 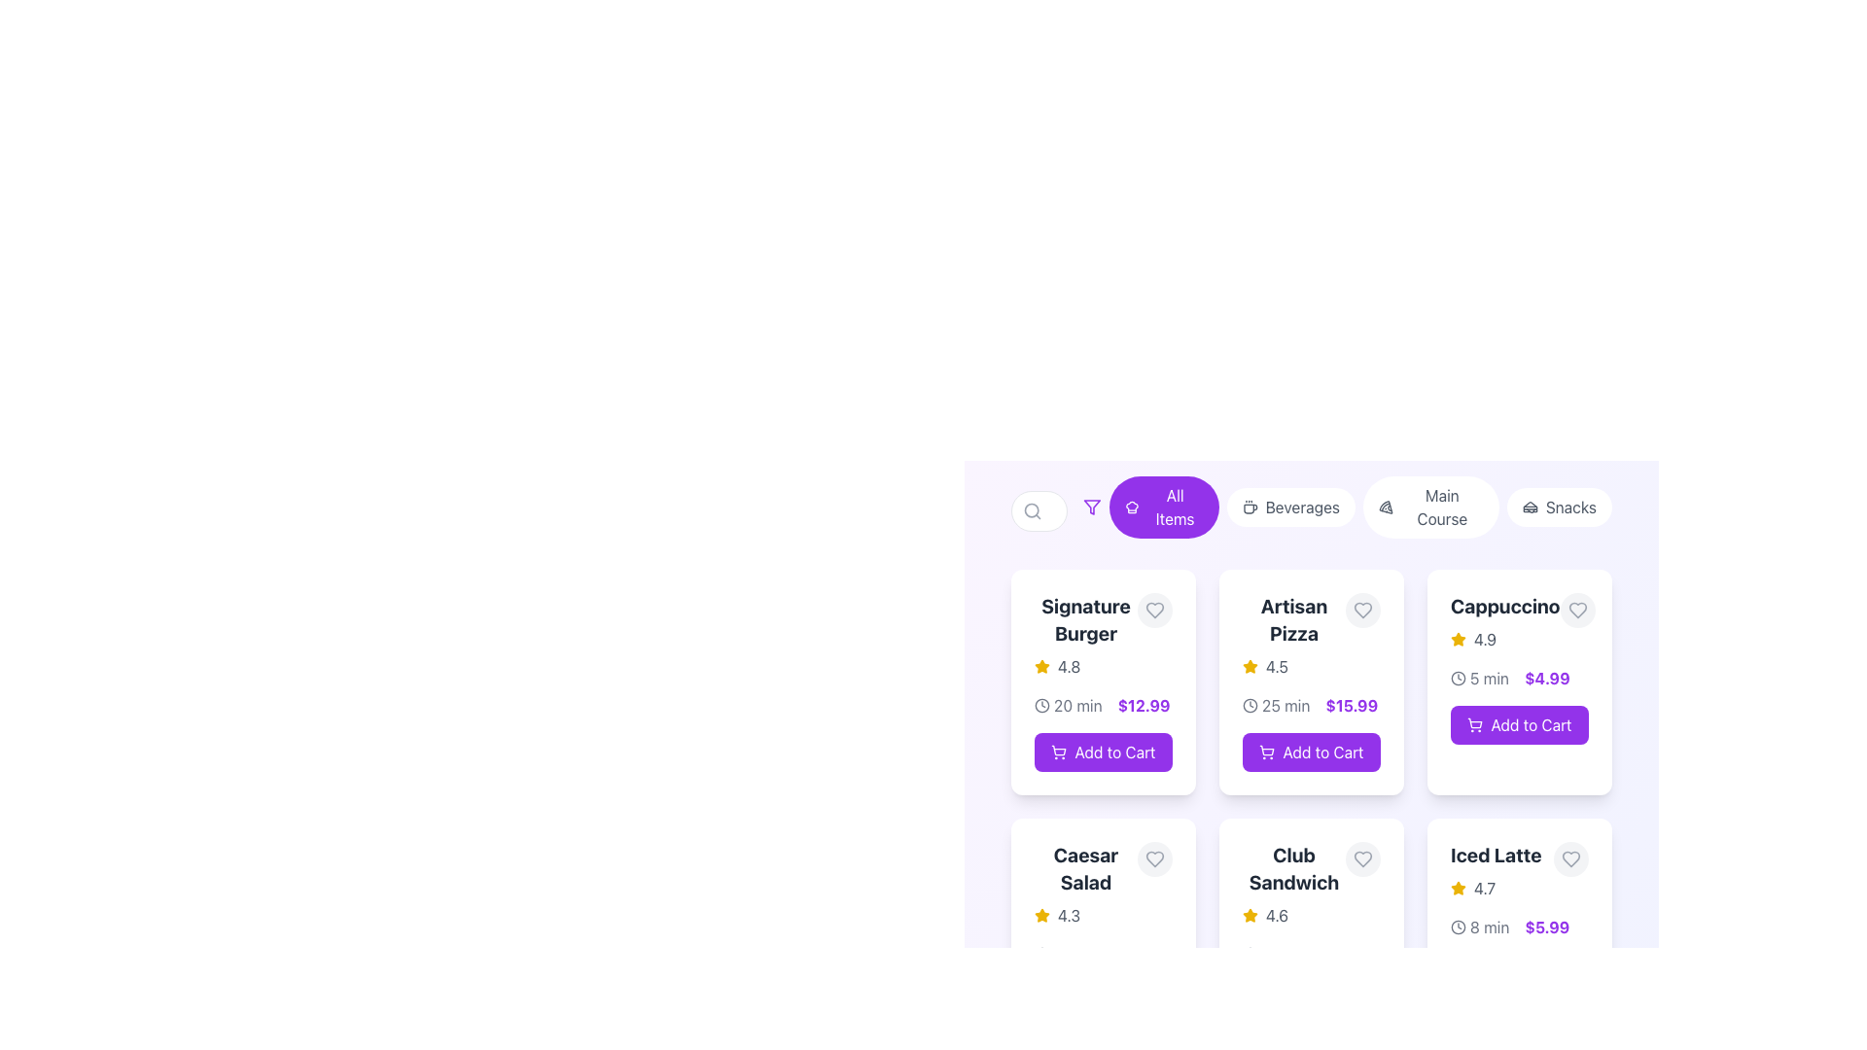 What do you see at coordinates (1293, 885) in the screenshot?
I see `text content 'Club Sandwich' and its rating '4.6' from the text label with a yellow star icon, located in the third row and second column of the menu items grid layout` at bounding box center [1293, 885].